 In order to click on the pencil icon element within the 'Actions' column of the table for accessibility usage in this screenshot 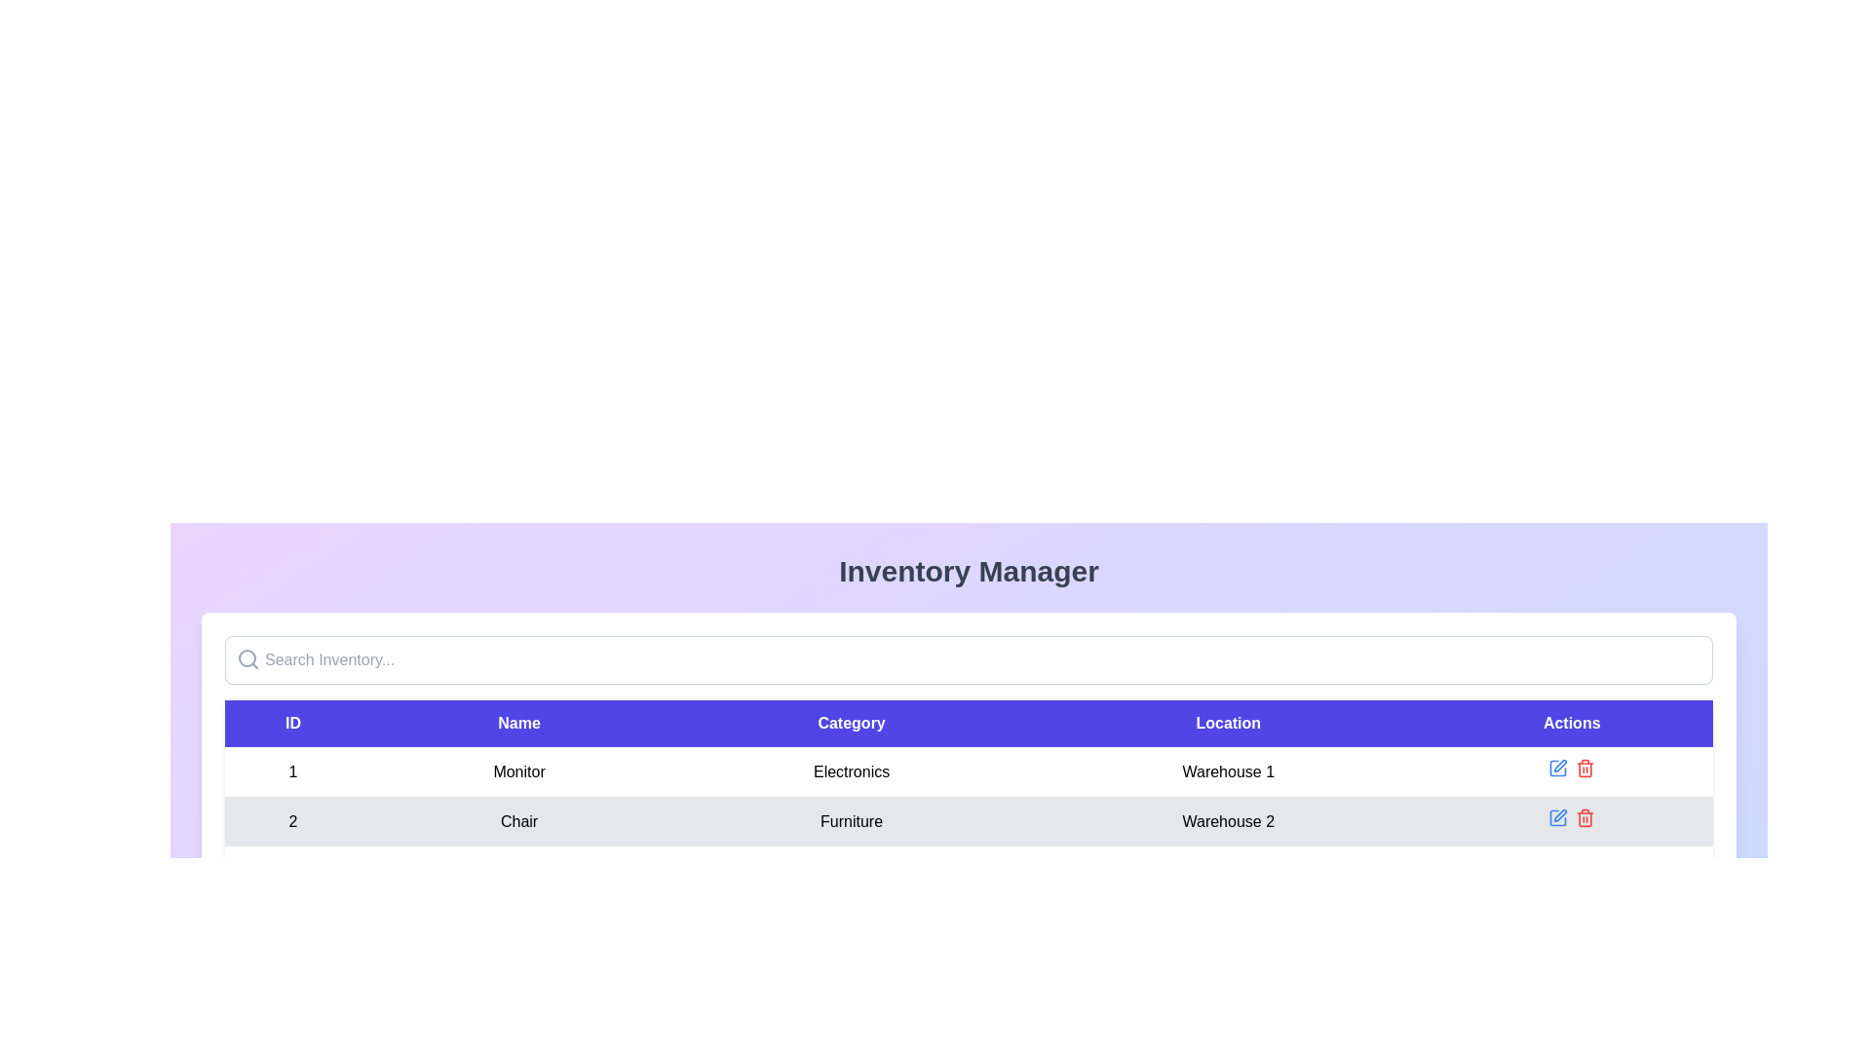, I will do `click(1557, 818)`.